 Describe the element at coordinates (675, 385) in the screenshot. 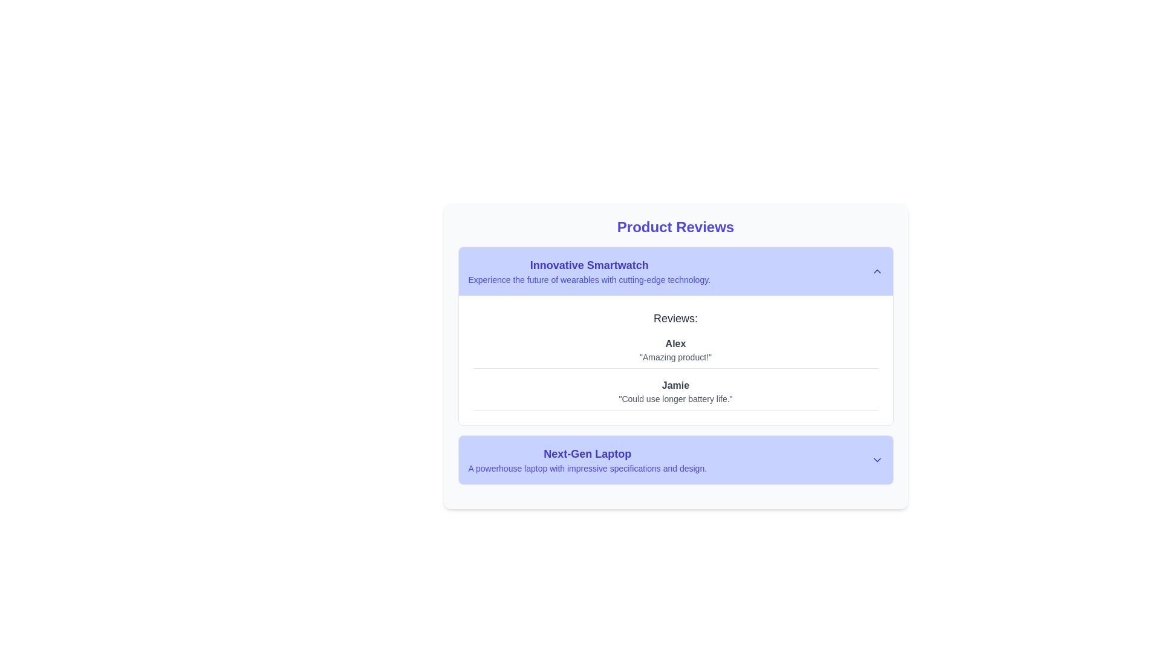

I see `the user name label displaying the review author's name, positioned below the review by 'Alex' and above the comment 'Could use longer battery life.'` at that location.